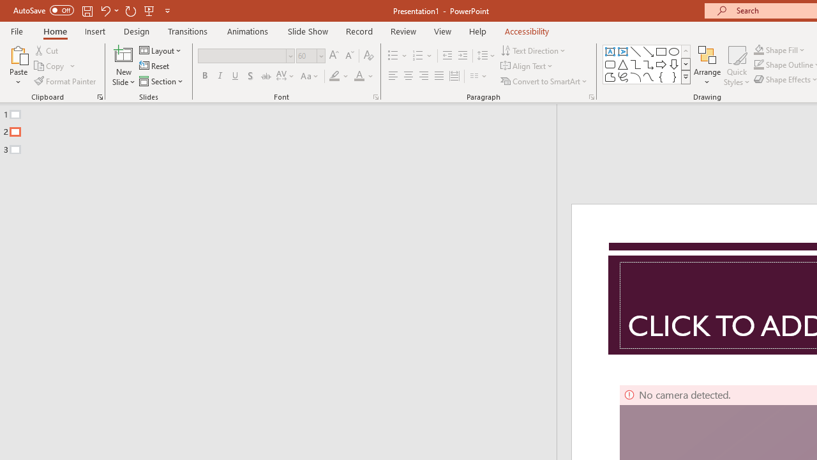 The image size is (817, 460). Describe the element at coordinates (123, 66) in the screenshot. I see `'New Slide'` at that location.